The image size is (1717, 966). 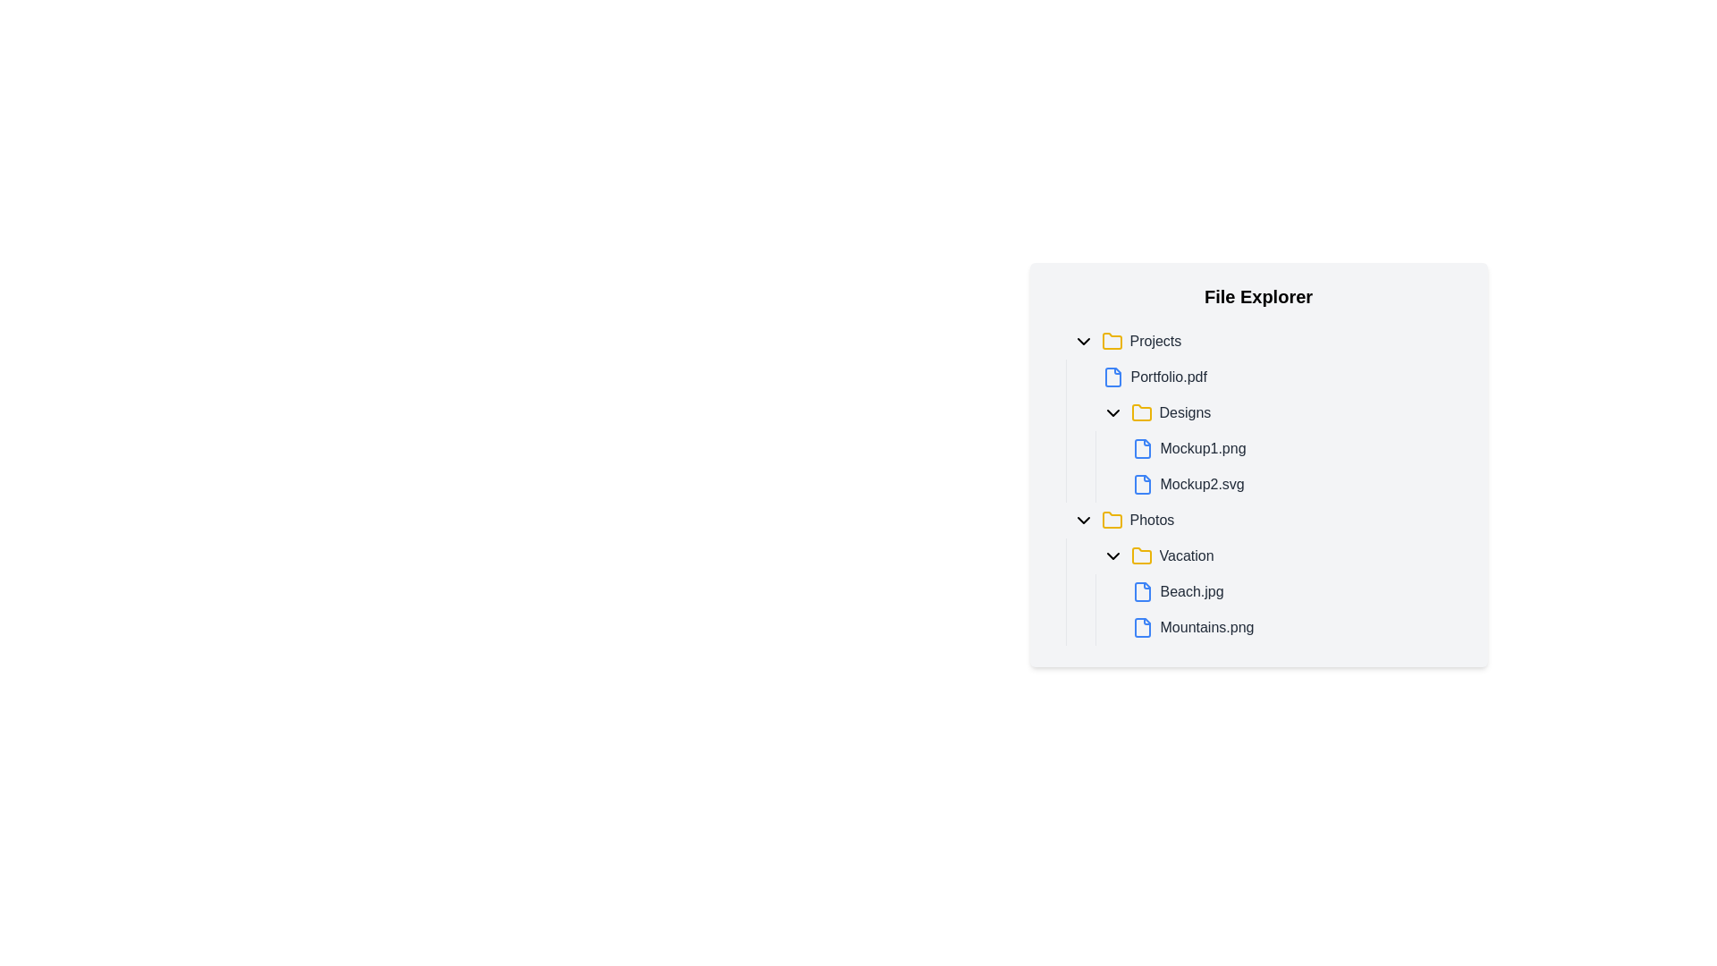 What do you see at coordinates (1141, 627) in the screenshot?
I see `the file icon with a blue outline representing 'Mountains.png', located in the 'Photos' folder` at bounding box center [1141, 627].